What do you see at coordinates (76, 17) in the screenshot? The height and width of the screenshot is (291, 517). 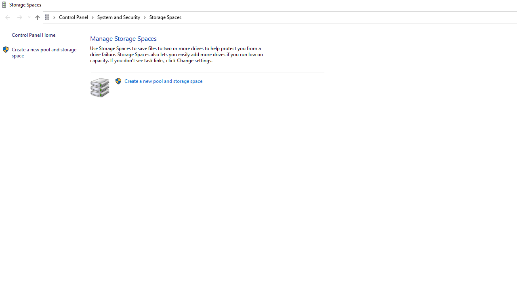 I see `'Control Panel'` at bounding box center [76, 17].